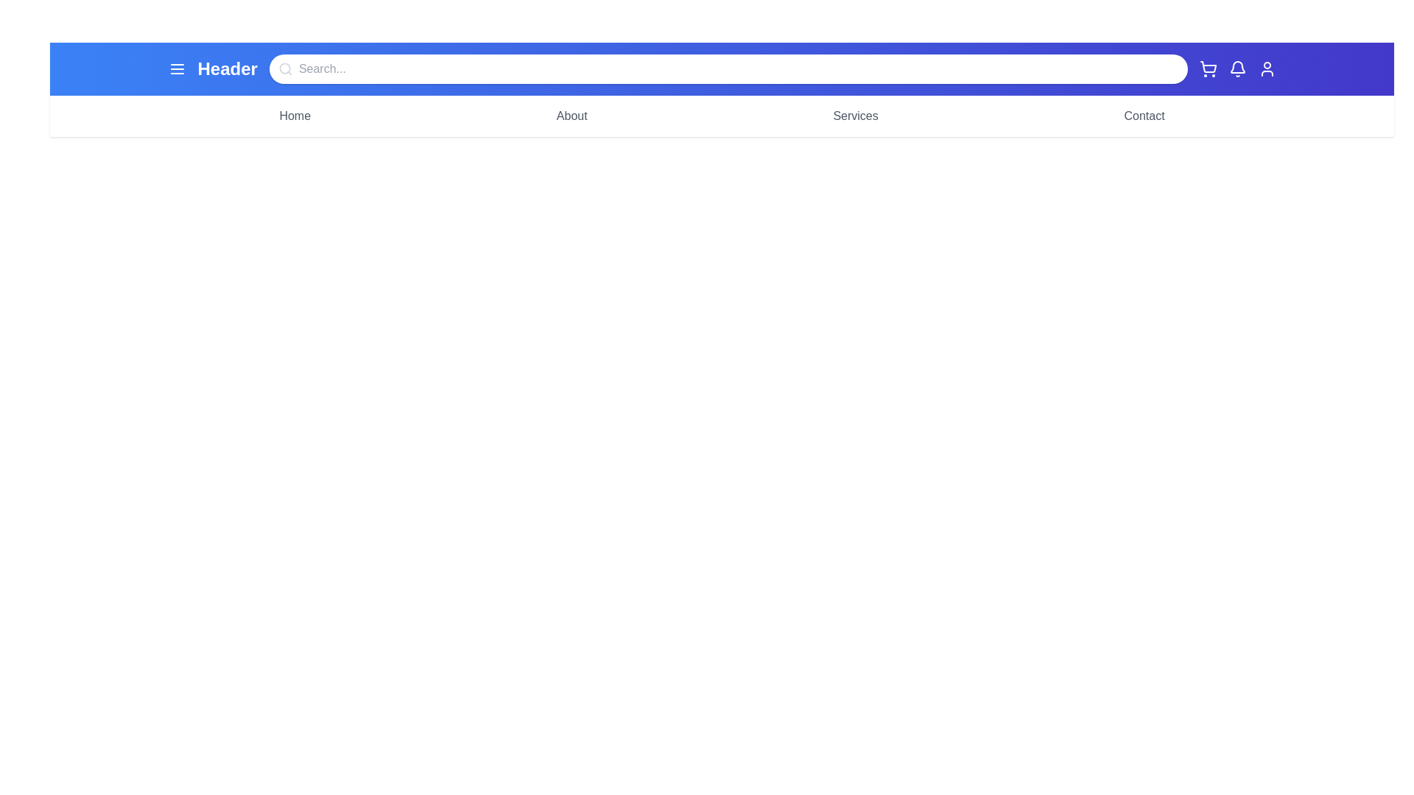  I want to click on the menu item About from the menu bar, so click(571, 116).